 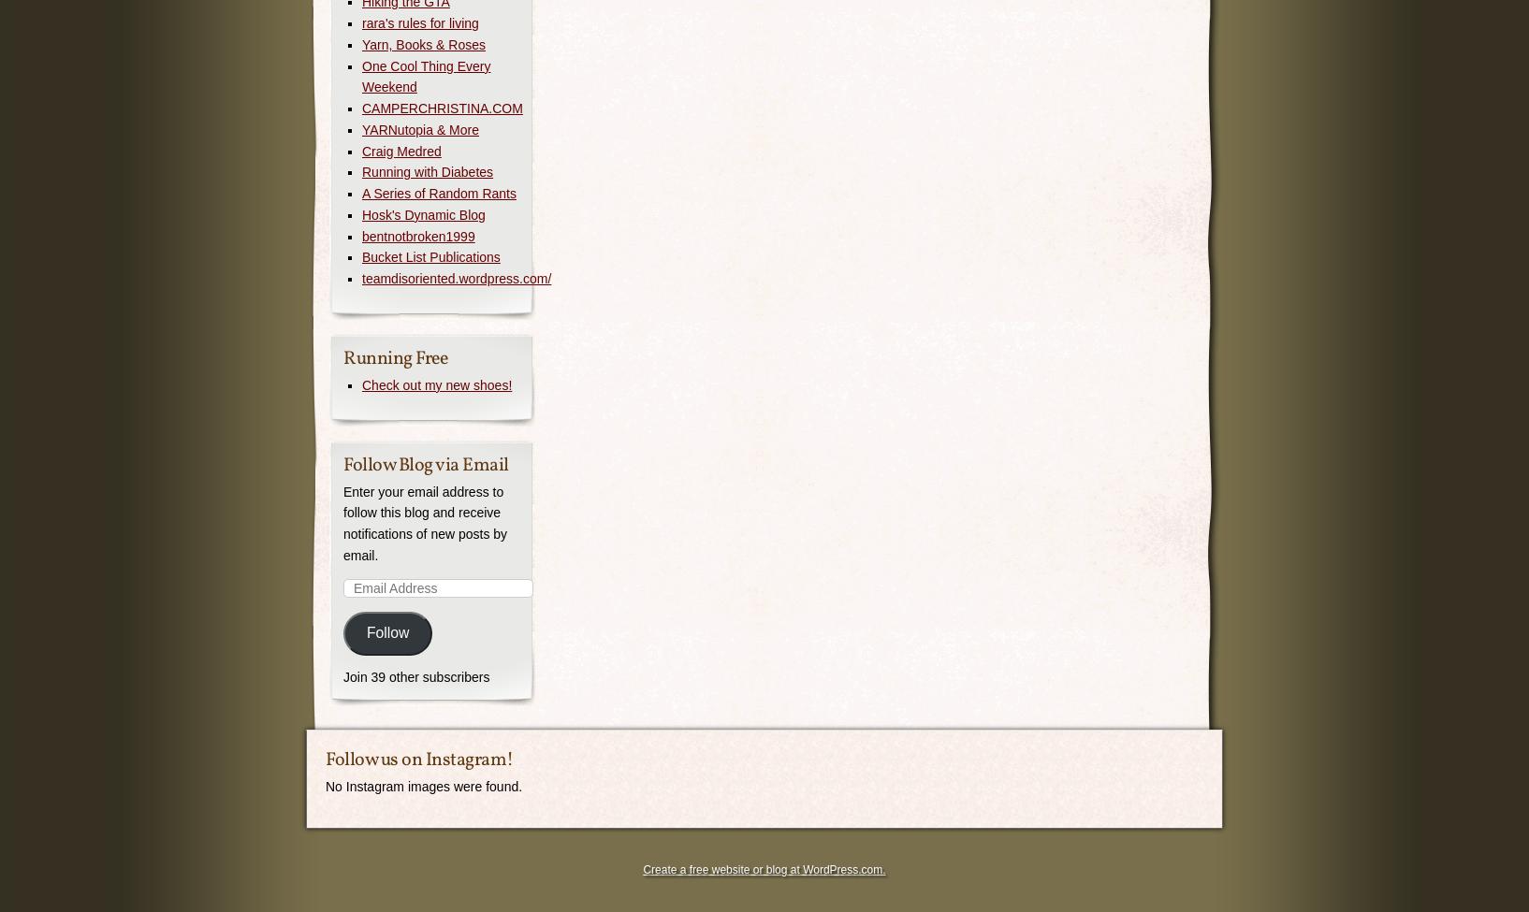 I want to click on 'YARNutopia & More', so click(x=360, y=127).